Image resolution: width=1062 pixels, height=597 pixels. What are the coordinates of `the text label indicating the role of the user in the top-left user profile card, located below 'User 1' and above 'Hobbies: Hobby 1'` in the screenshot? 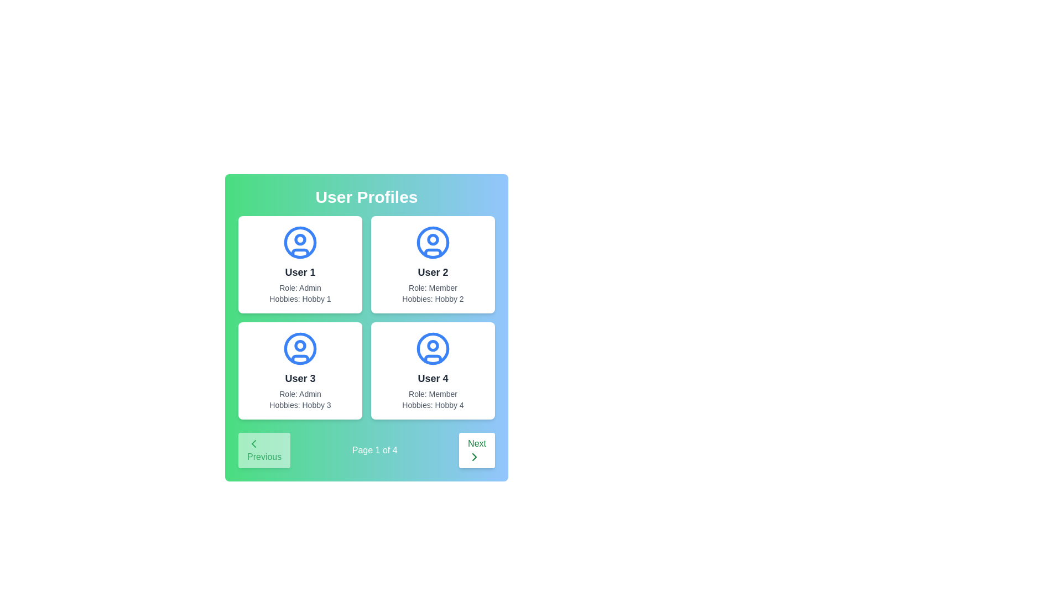 It's located at (300, 287).